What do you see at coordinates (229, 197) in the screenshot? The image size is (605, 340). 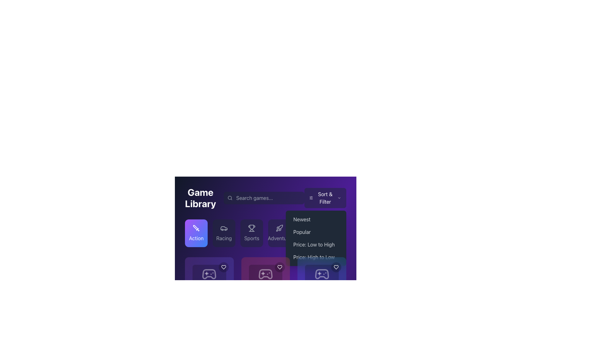 I see `the decorative circular shape of the magnifying glass icon, which represents the search functionality, located to the left of the search input field with the placeholder 'Search games...'` at bounding box center [229, 197].